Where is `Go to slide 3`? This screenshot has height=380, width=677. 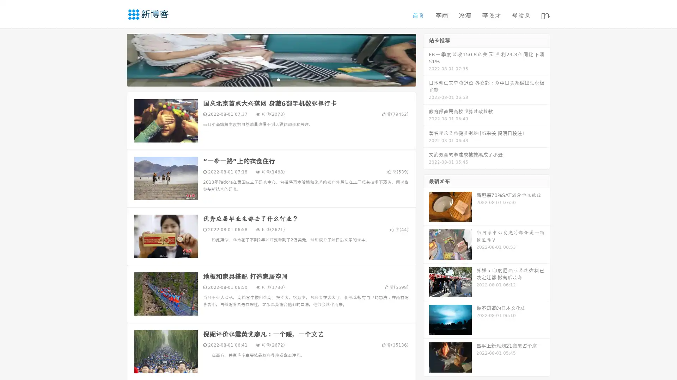 Go to slide 3 is located at coordinates (278, 79).